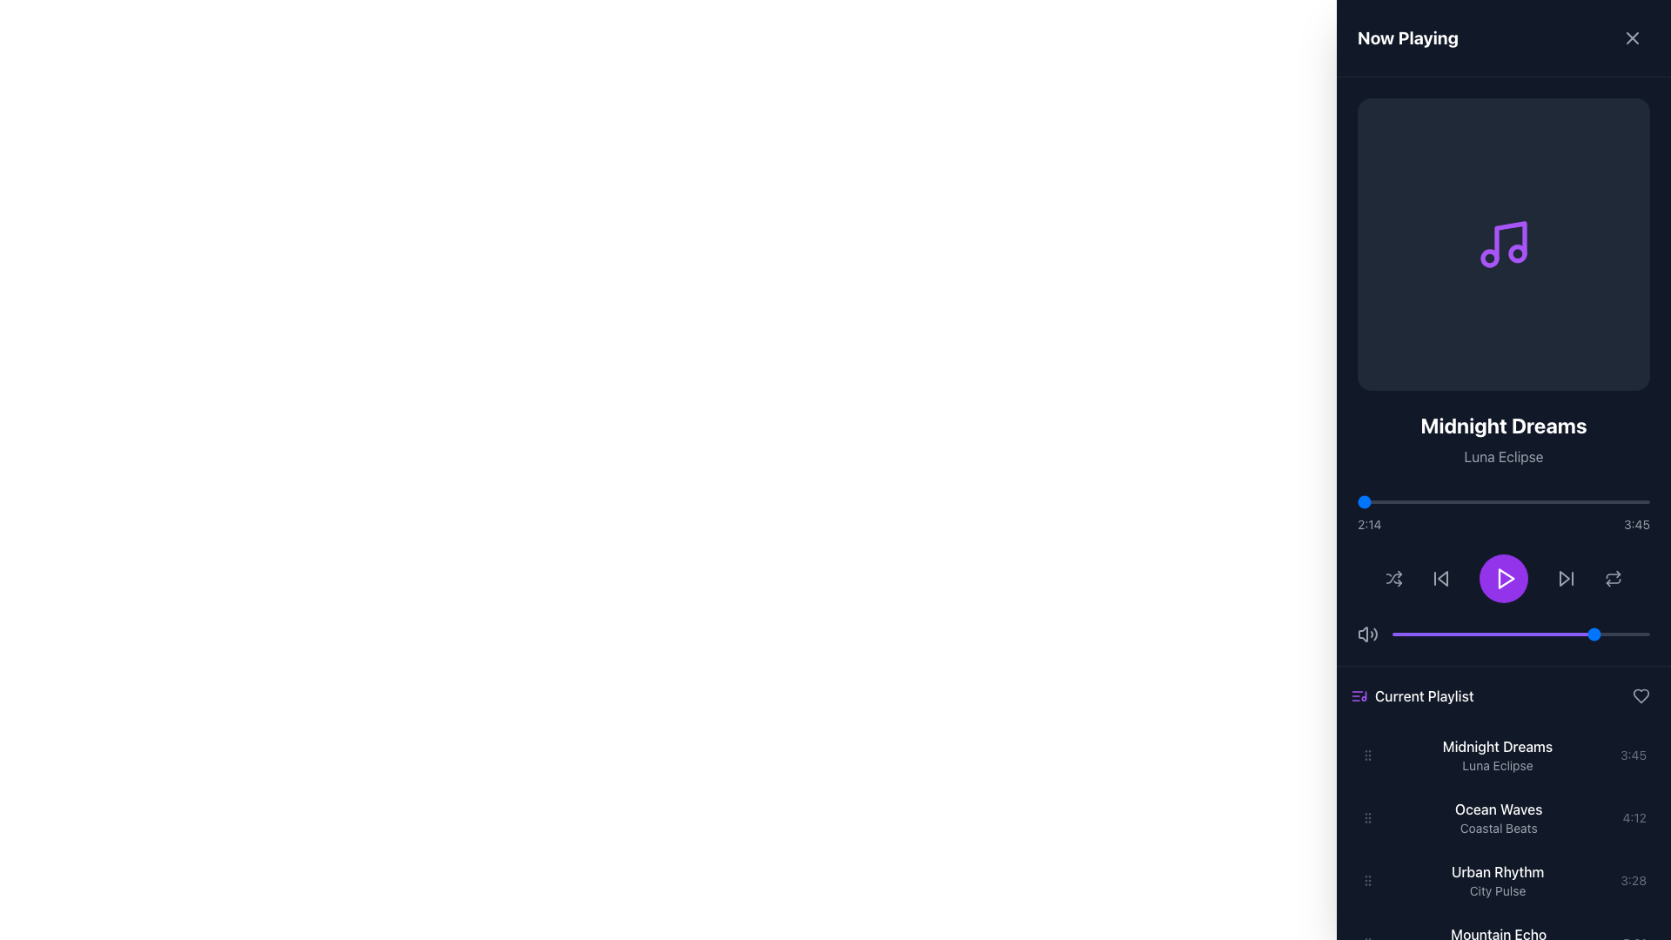 This screenshot has height=940, width=1671. What do you see at coordinates (1632, 502) in the screenshot?
I see `playback position` at bounding box center [1632, 502].